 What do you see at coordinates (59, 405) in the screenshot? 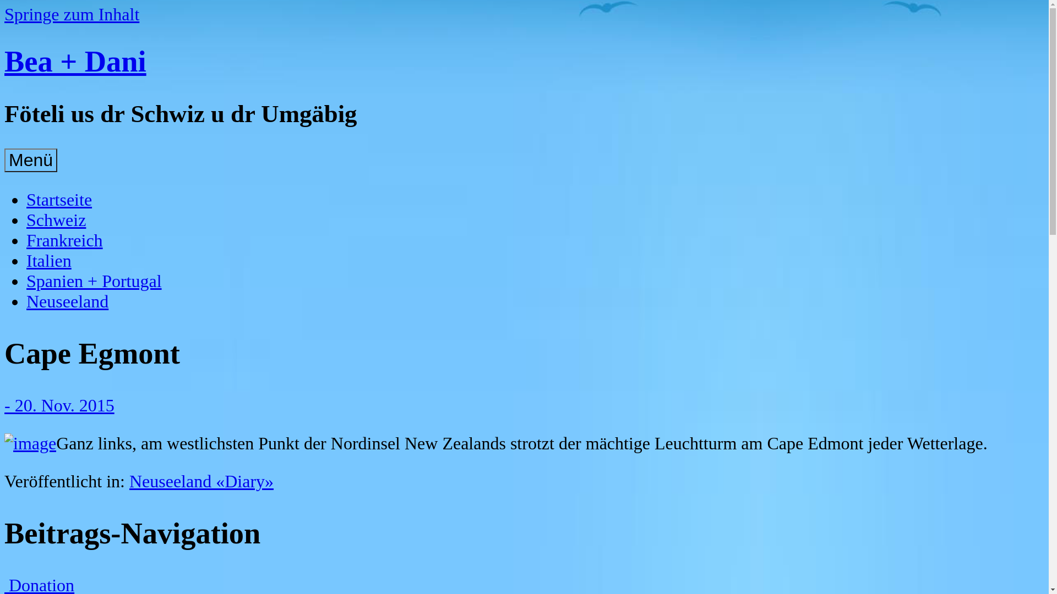
I see `'- 20. Nov. 2015'` at bounding box center [59, 405].